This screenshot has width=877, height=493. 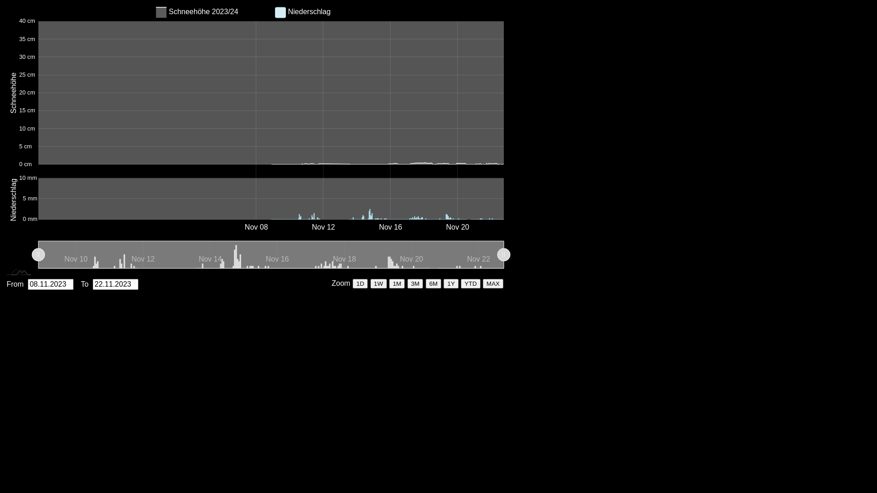 What do you see at coordinates (359, 283) in the screenshot?
I see `'1D'` at bounding box center [359, 283].